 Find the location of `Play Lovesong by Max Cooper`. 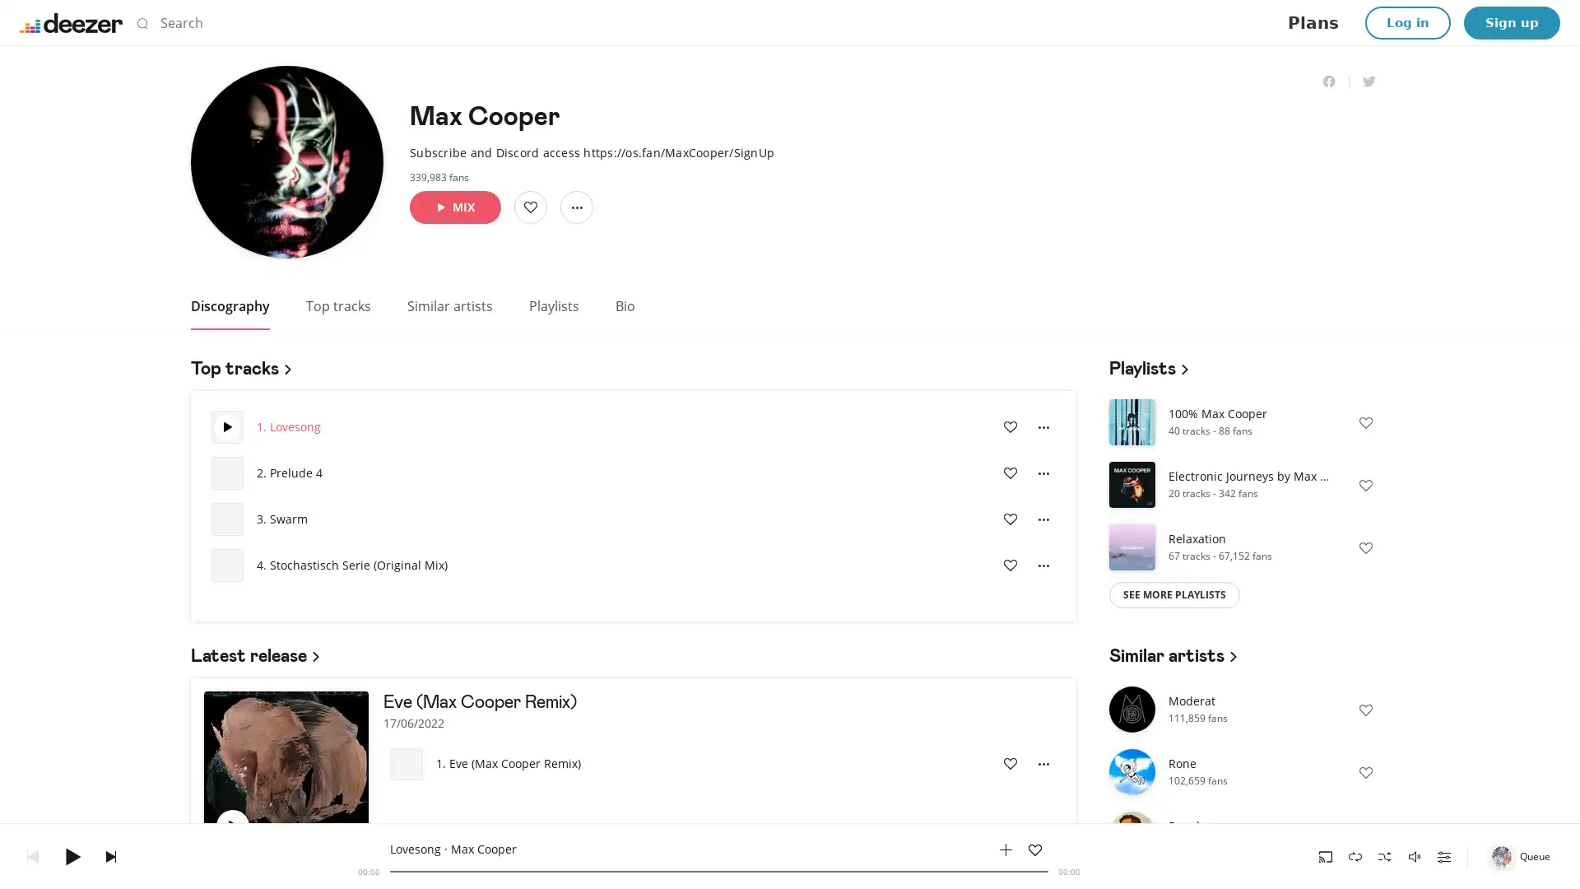

Play Lovesong by Max Cooper is located at coordinates (225, 426).